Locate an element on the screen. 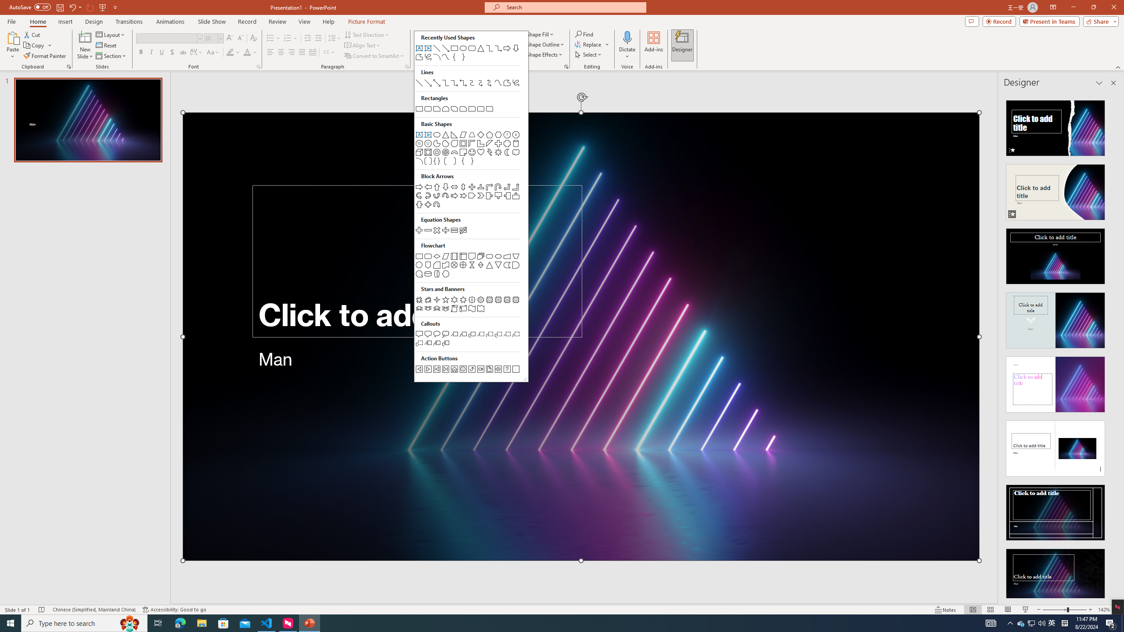 Image resolution: width=1124 pixels, height=632 pixels. 'Microsoft Edge' is located at coordinates (180, 622).